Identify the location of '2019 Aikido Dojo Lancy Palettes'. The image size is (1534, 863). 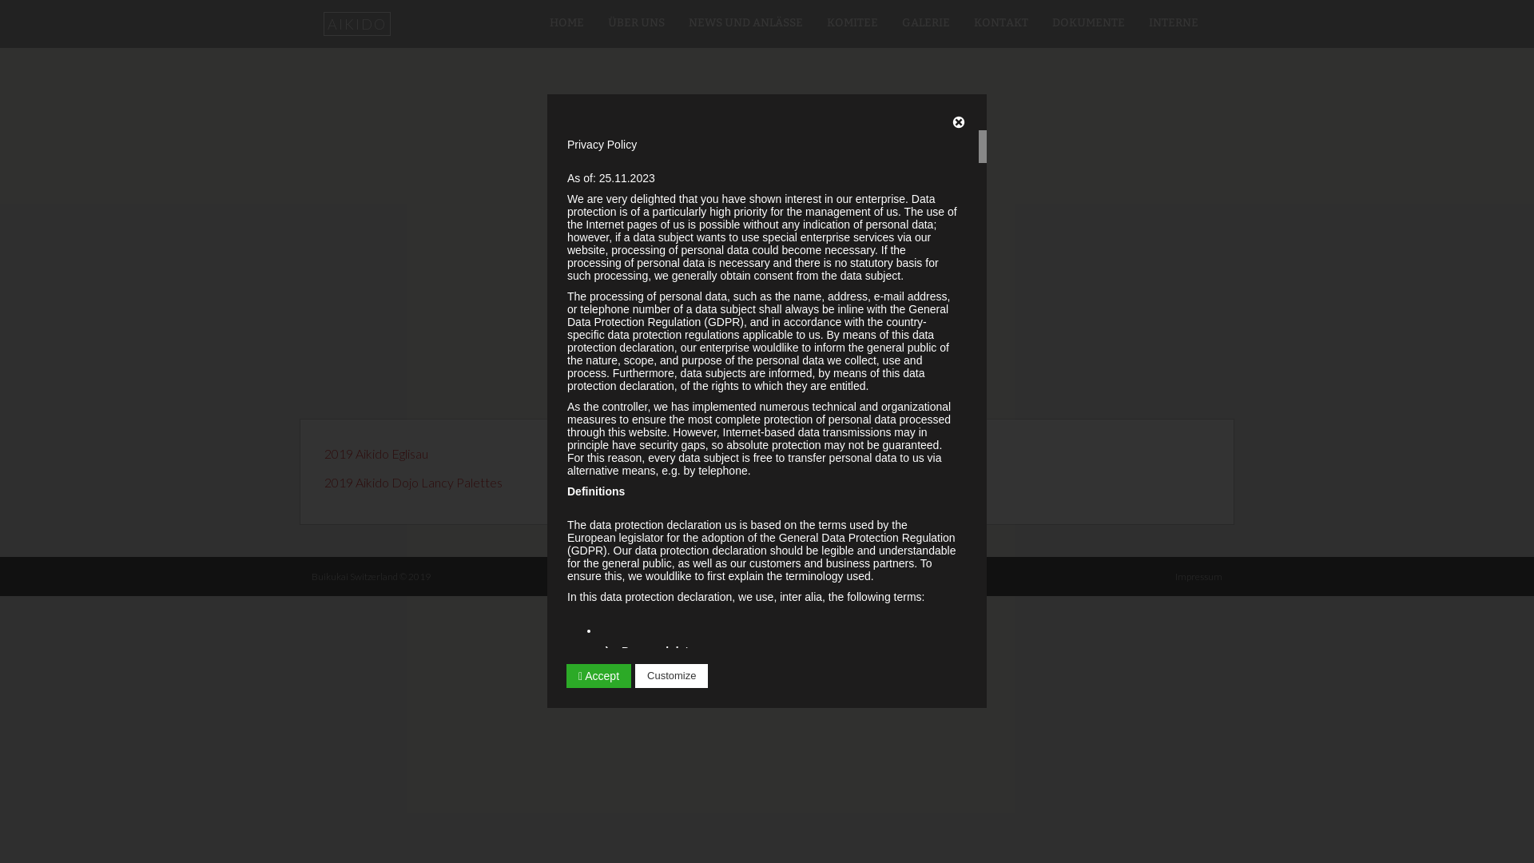
(413, 481).